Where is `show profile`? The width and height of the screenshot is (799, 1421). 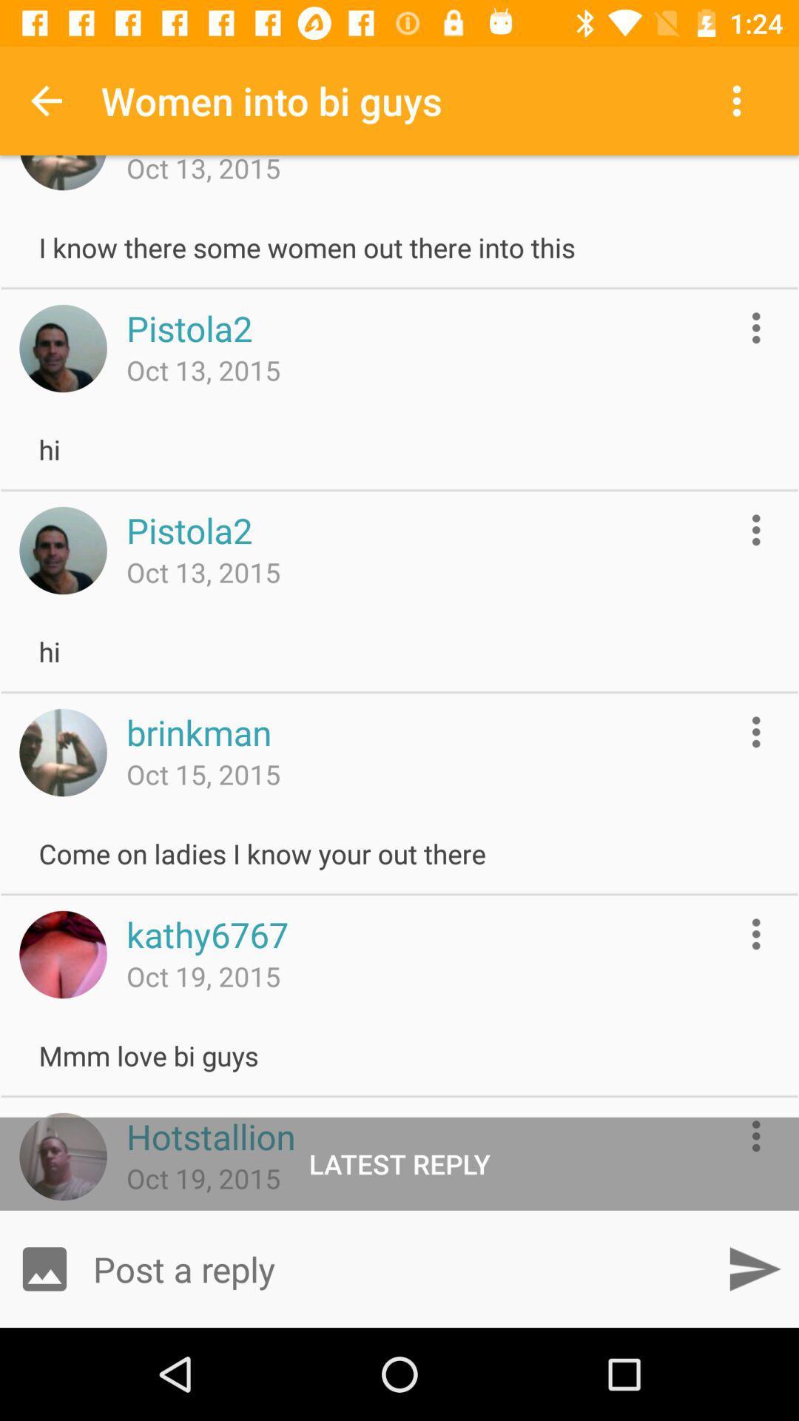
show profile is located at coordinates (62, 347).